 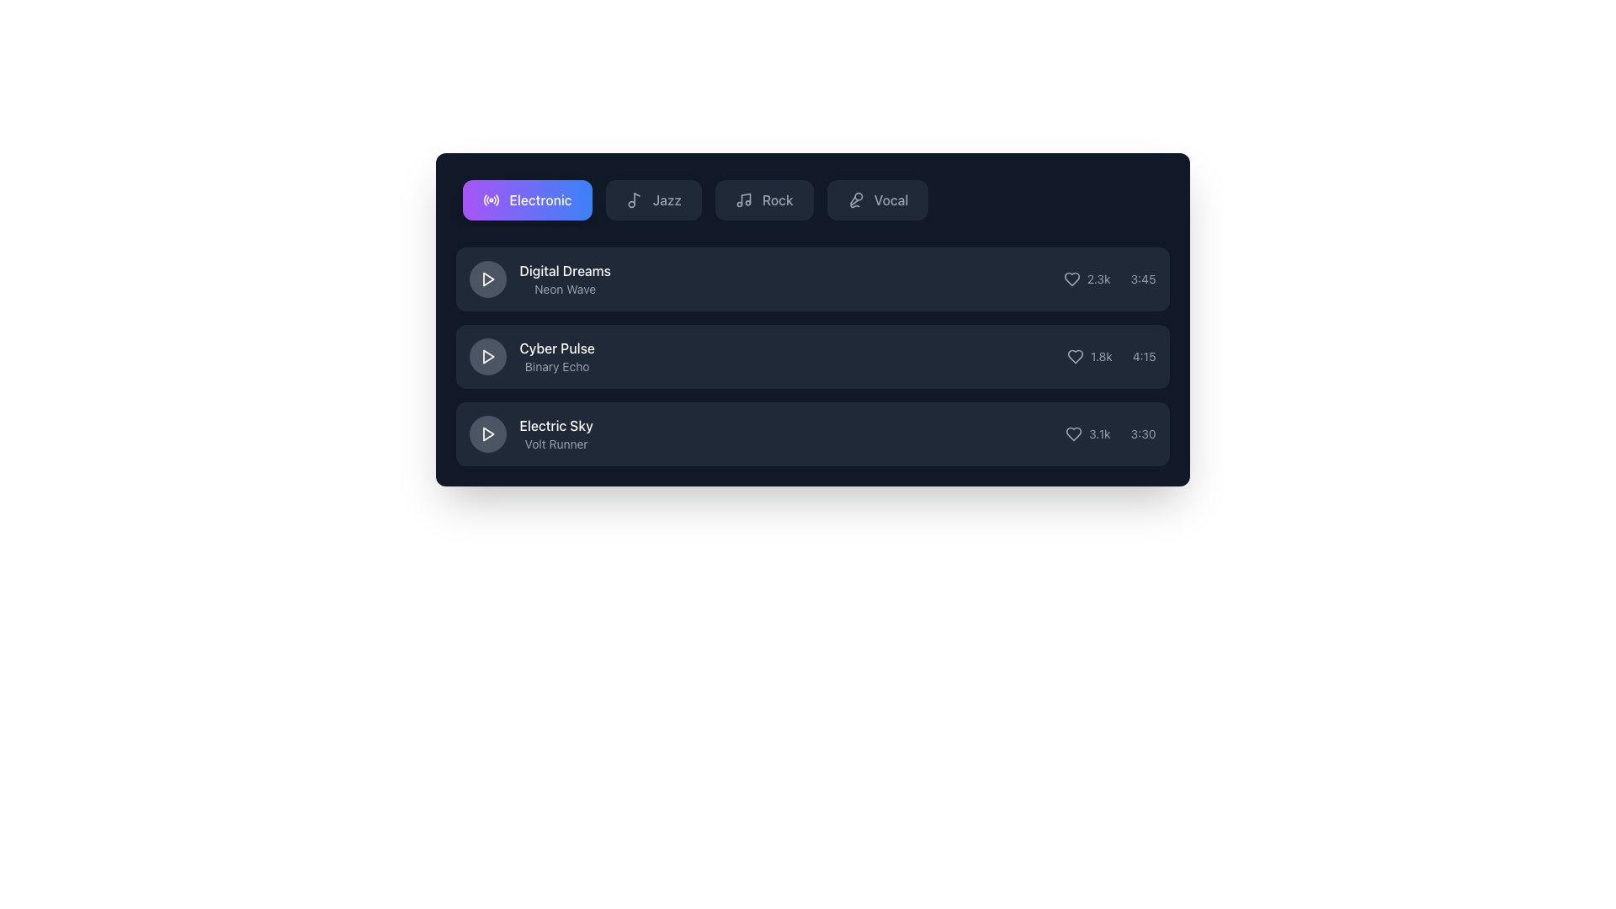 What do you see at coordinates (526, 199) in the screenshot?
I see `the first category button labeled 'Electronic'` at bounding box center [526, 199].